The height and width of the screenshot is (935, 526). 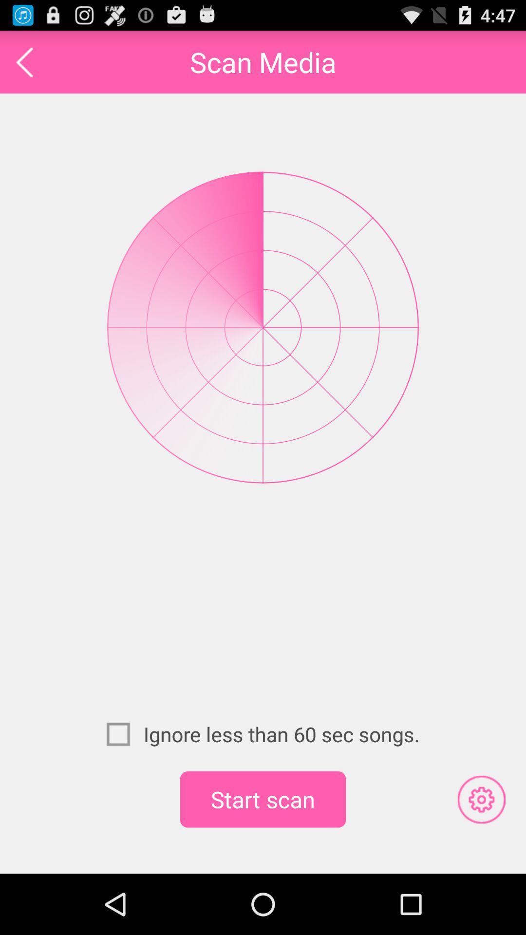 What do you see at coordinates (481, 799) in the screenshot?
I see `icon at the bottom right corner` at bounding box center [481, 799].